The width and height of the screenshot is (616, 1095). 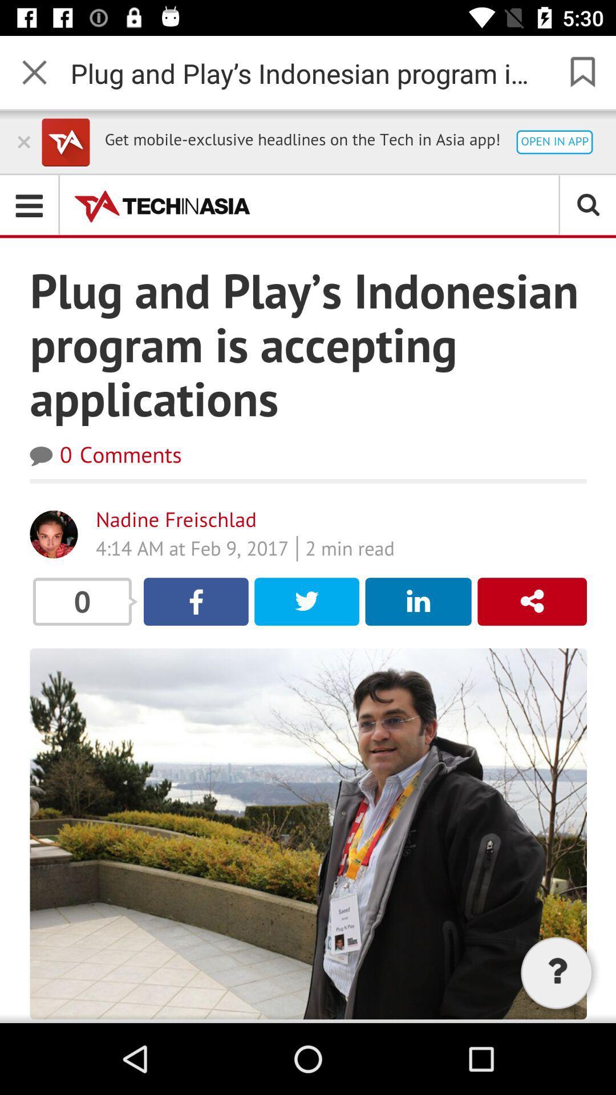 I want to click on the close icon, so click(x=34, y=72).